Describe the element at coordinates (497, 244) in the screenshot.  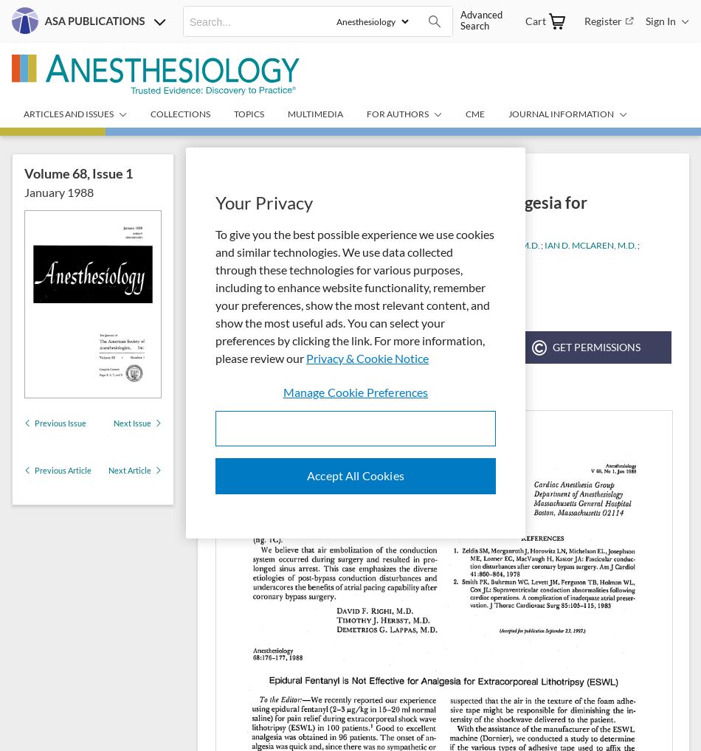
I see `'BRUCE CRIDER, M.D.'` at that location.